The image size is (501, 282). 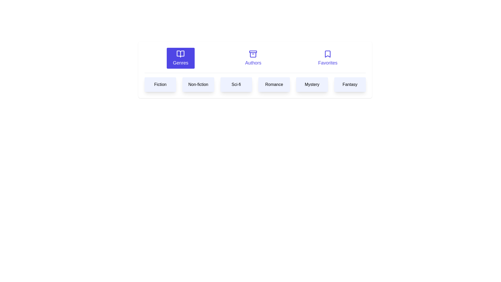 What do you see at coordinates (253, 58) in the screenshot?
I see `the Authors tab by clicking on its header` at bounding box center [253, 58].